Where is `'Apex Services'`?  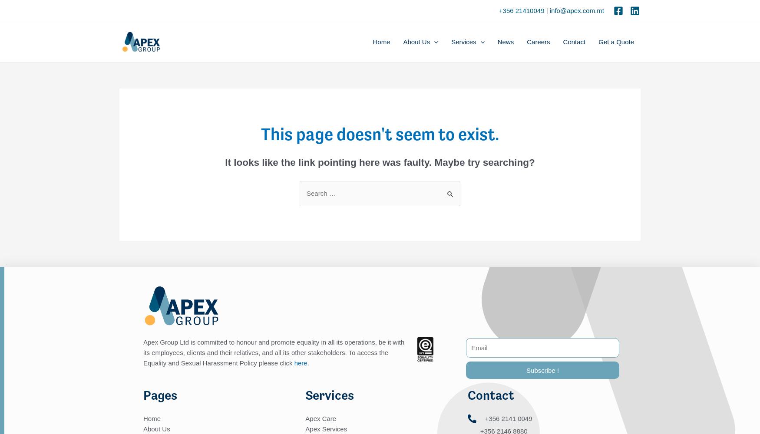 'Apex Services' is located at coordinates (305, 428).